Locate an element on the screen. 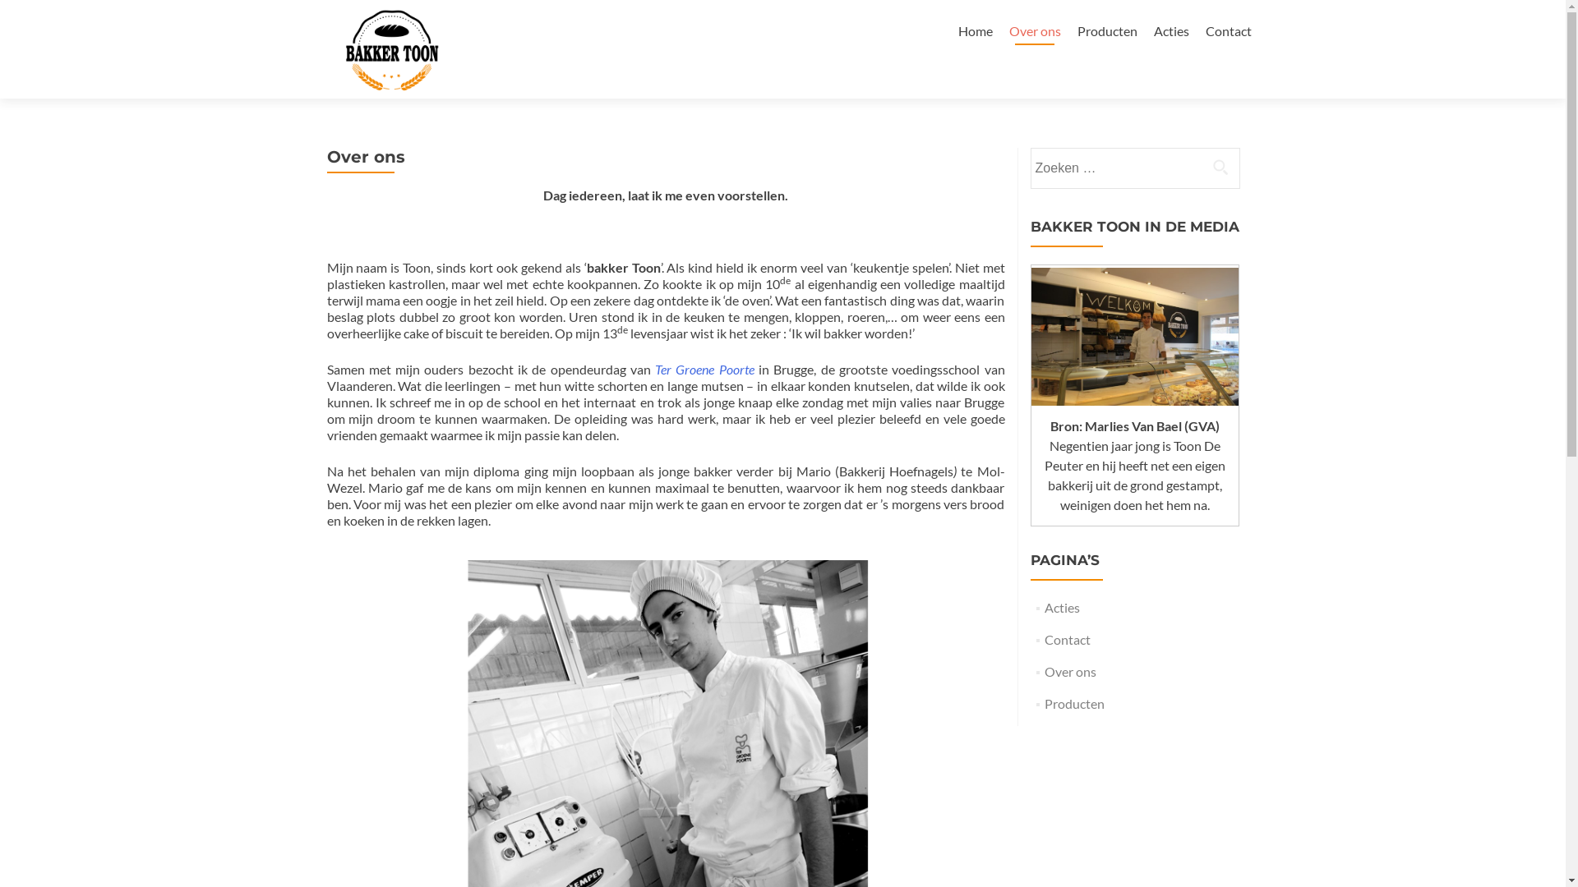 The image size is (1578, 887). 'Bakker Toon' is located at coordinates (391, 31).